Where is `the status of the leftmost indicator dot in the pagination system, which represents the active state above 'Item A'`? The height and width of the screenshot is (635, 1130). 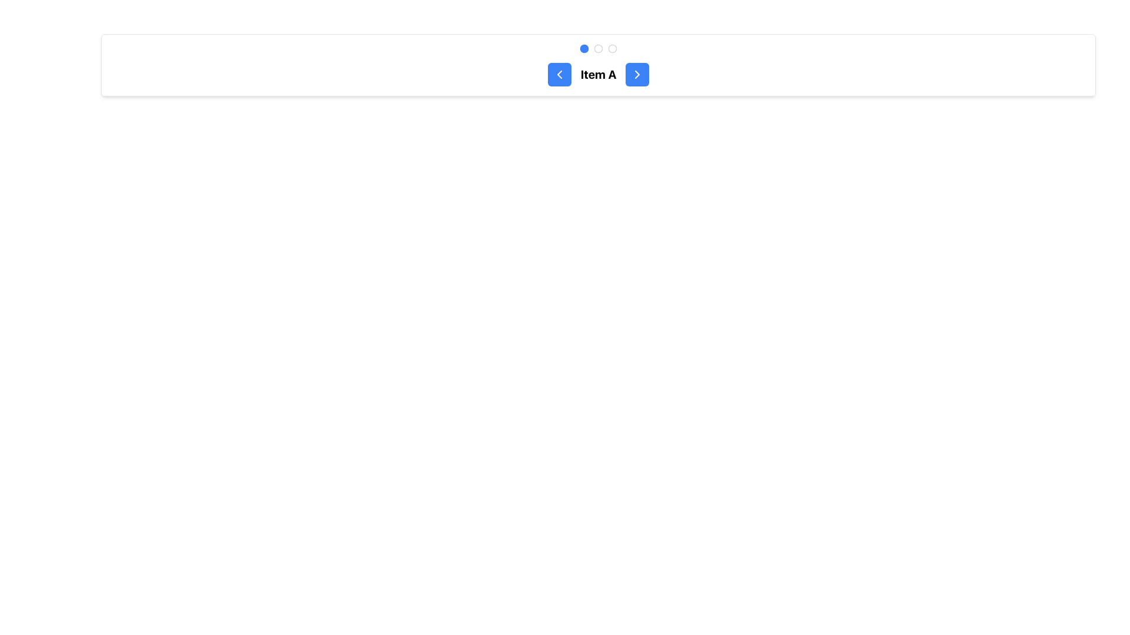
the status of the leftmost indicator dot in the pagination system, which represents the active state above 'Item A' is located at coordinates (584, 48).